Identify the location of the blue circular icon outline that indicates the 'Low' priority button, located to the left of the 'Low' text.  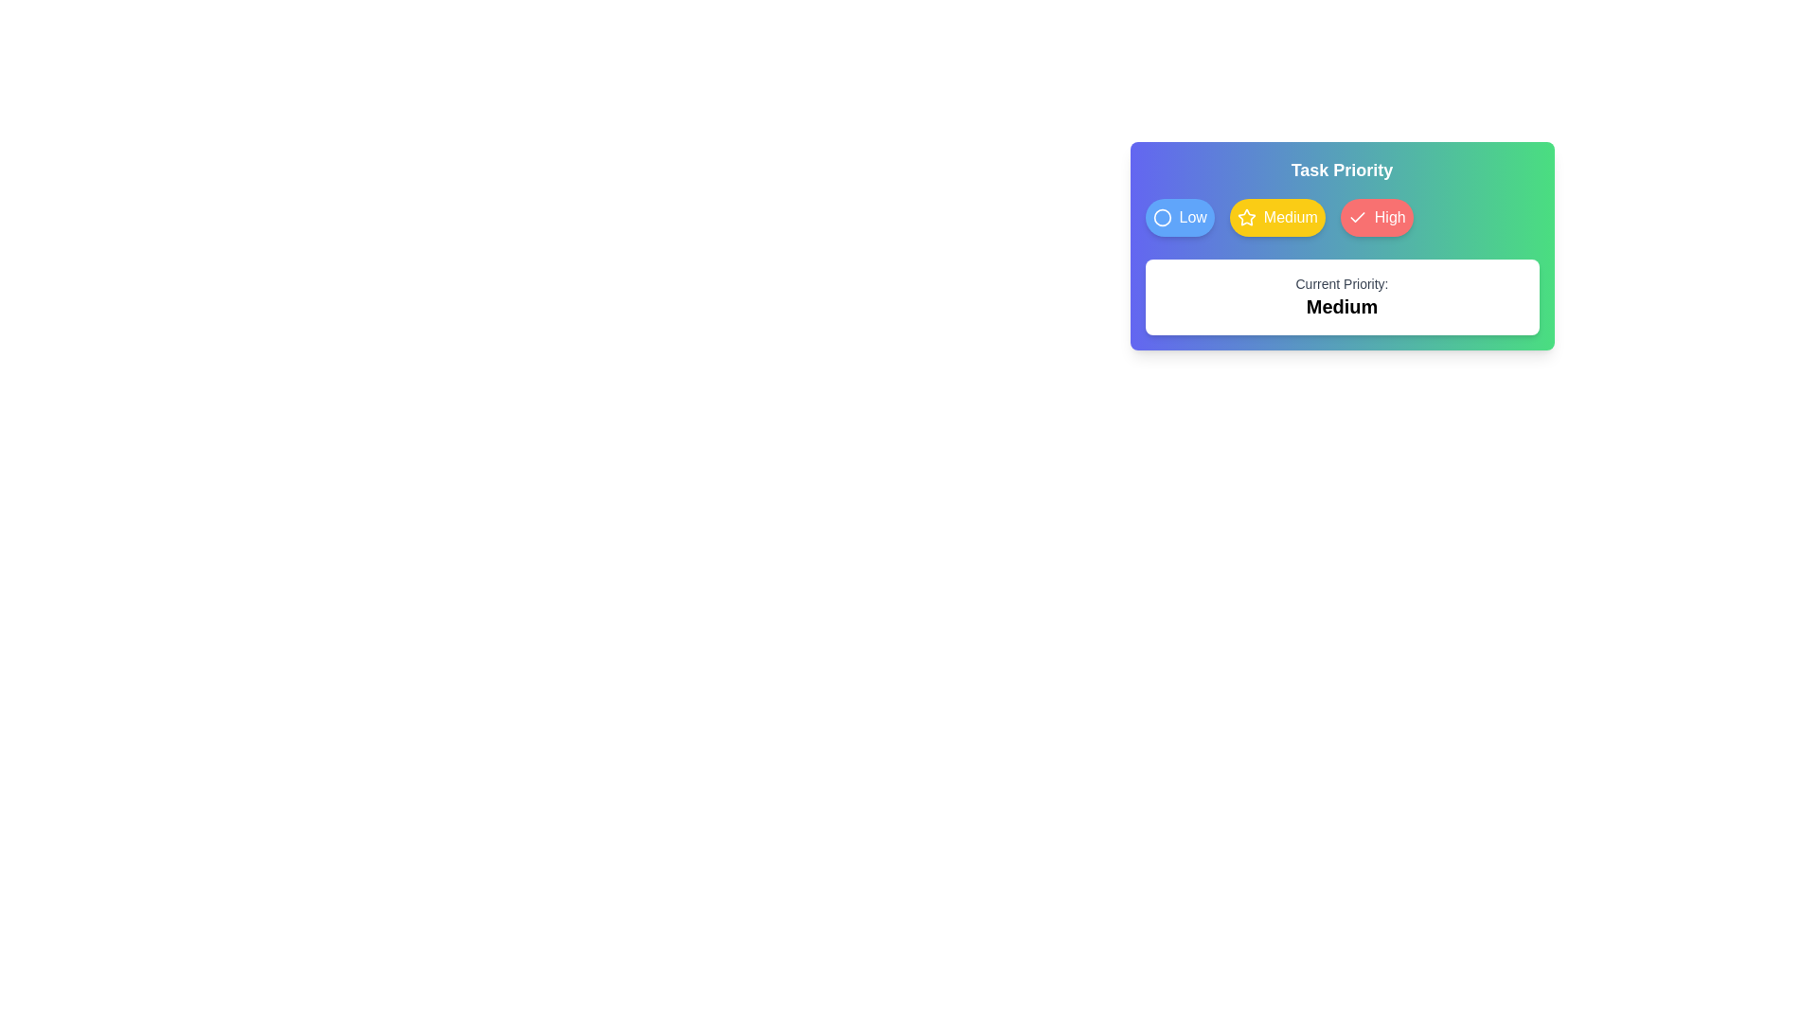
(1161, 217).